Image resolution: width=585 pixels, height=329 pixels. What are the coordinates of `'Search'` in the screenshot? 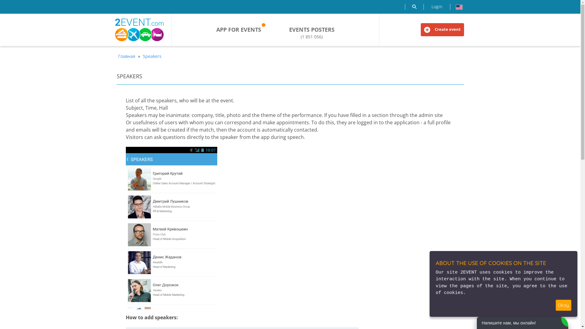 It's located at (414, 7).